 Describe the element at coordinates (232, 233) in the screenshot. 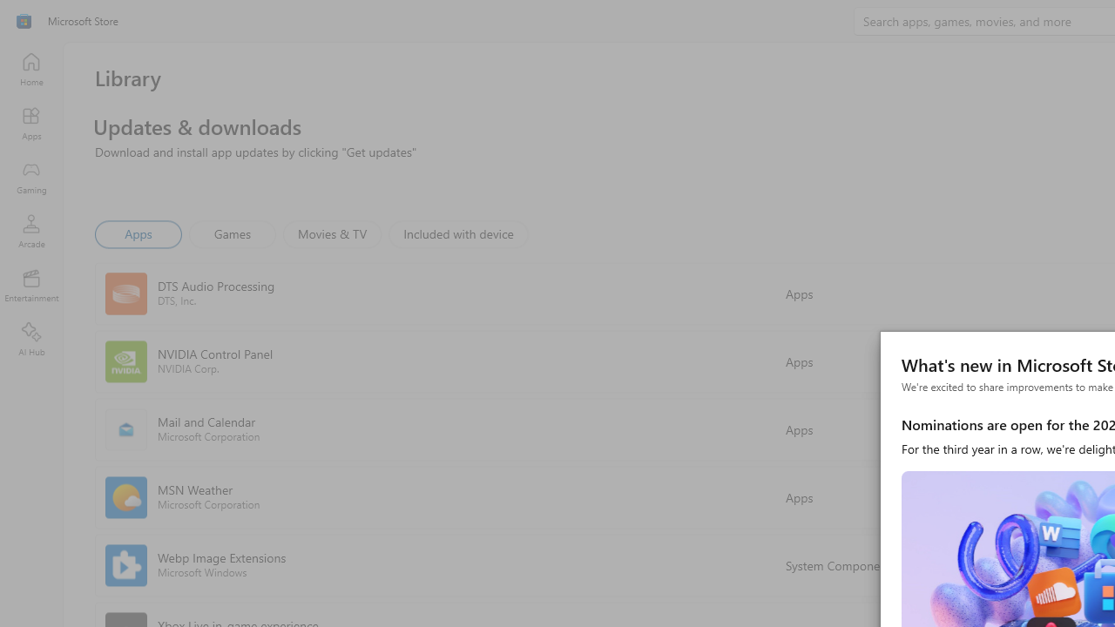

I see `'Games'` at that location.